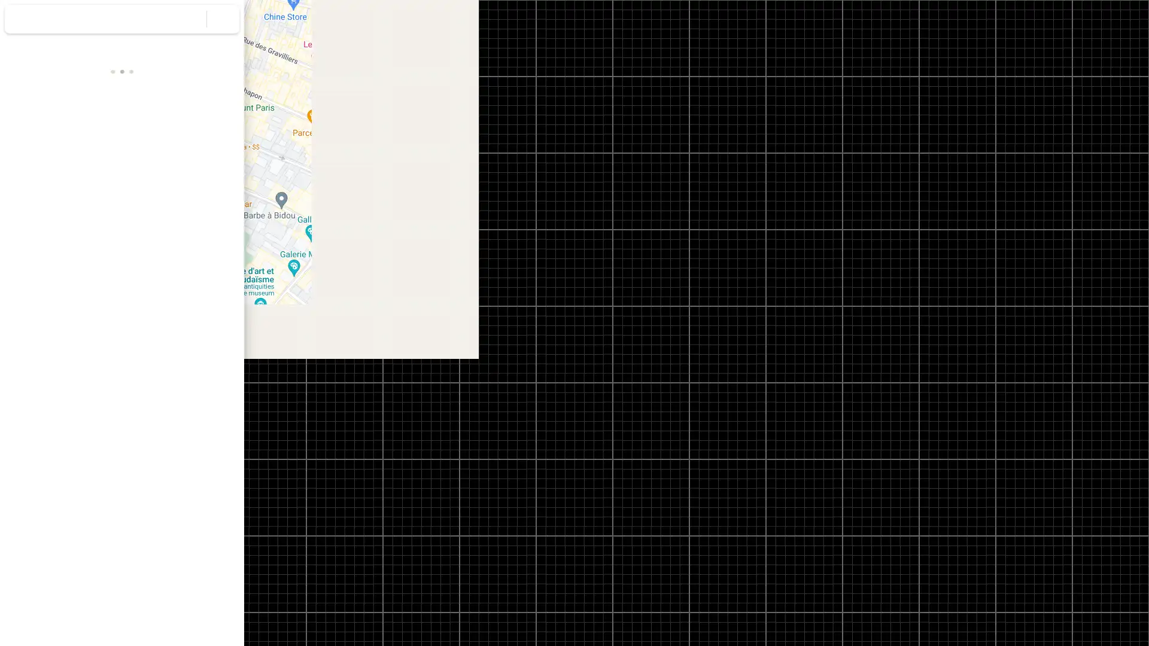  Describe the element at coordinates (165, 209) in the screenshot. I see `Send 5 Rue de Palestro to your phone` at that location.